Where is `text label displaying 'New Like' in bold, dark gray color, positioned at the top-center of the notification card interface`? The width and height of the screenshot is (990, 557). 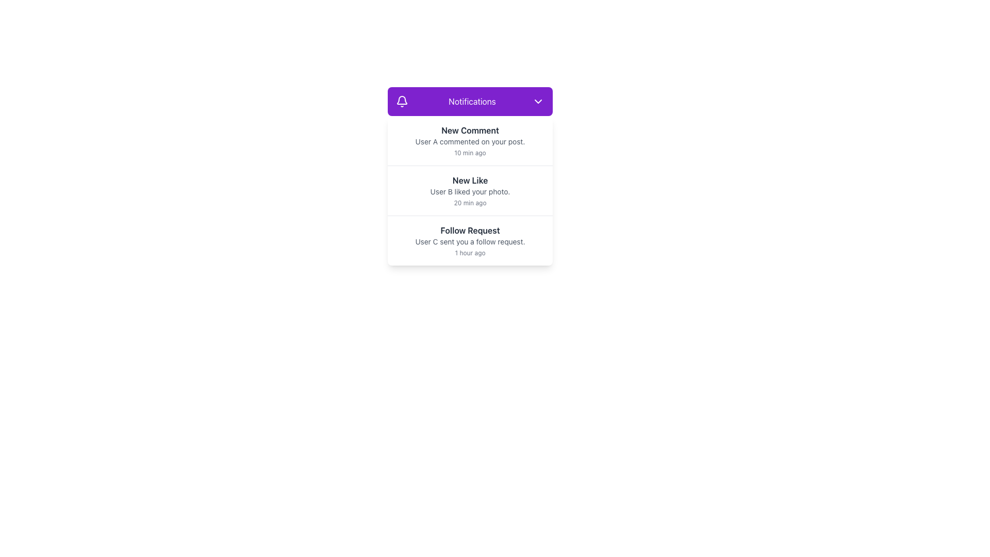
text label displaying 'New Like' in bold, dark gray color, positioned at the top-center of the notification card interface is located at coordinates (470, 180).